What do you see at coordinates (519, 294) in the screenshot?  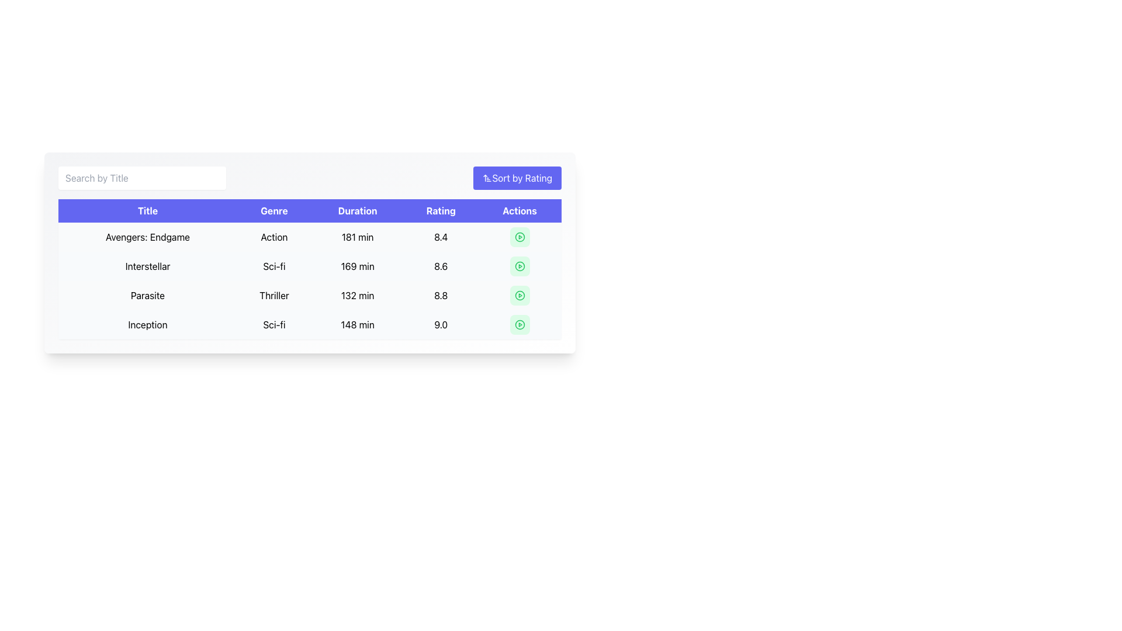 I see `the circular play icon button in the 'Actions' column of the data table row for the movie 'Parasite'` at bounding box center [519, 294].